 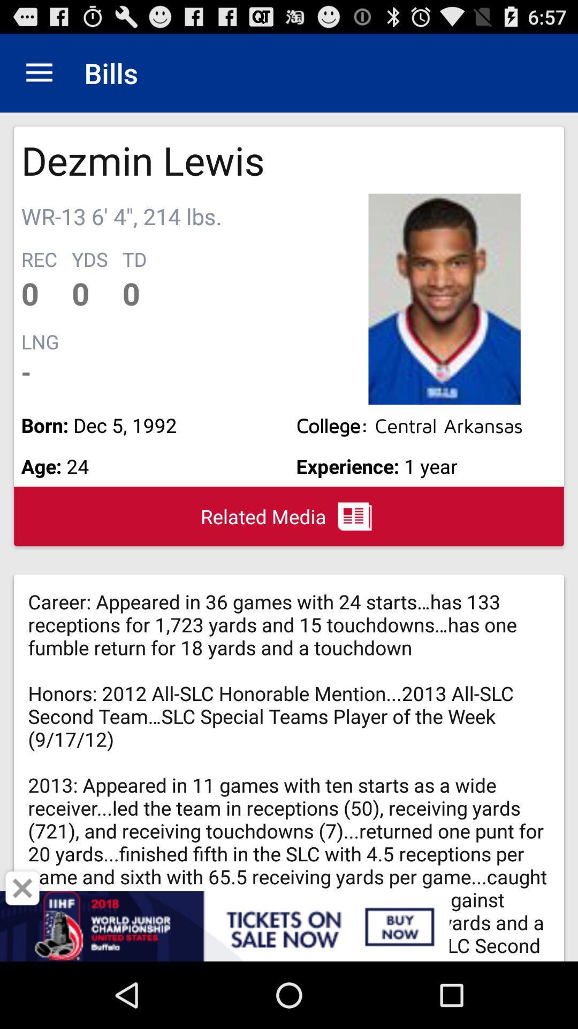 I want to click on button, so click(x=22, y=888).